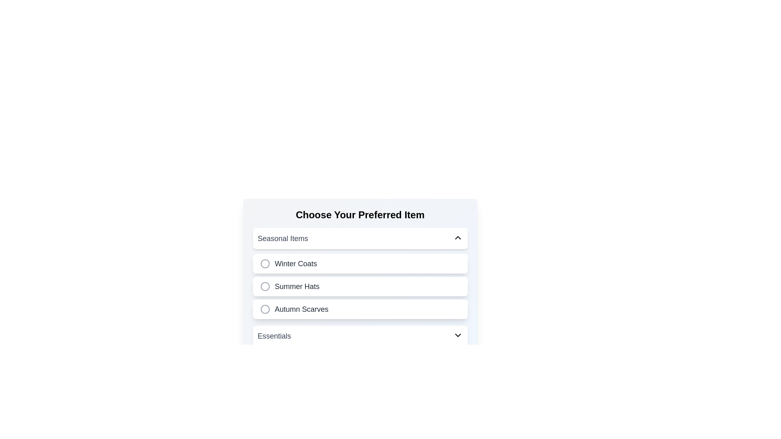  What do you see at coordinates (360, 286) in the screenshot?
I see `the radio button labeled 'Summer Hats'` at bounding box center [360, 286].